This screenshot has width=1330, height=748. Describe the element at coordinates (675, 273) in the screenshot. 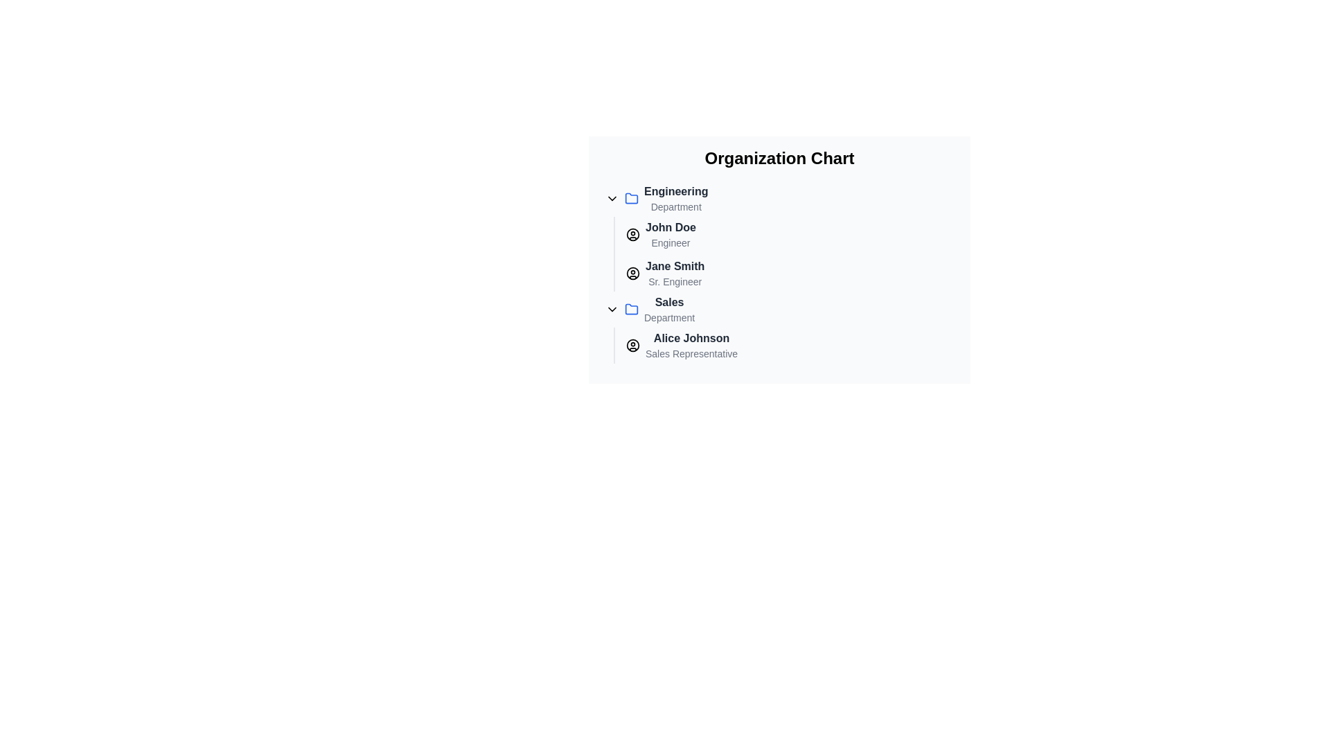

I see `displayed information of the text element showing 'Jane Smith' and 'Sr. Engineer' located in the Engineering department section` at that location.